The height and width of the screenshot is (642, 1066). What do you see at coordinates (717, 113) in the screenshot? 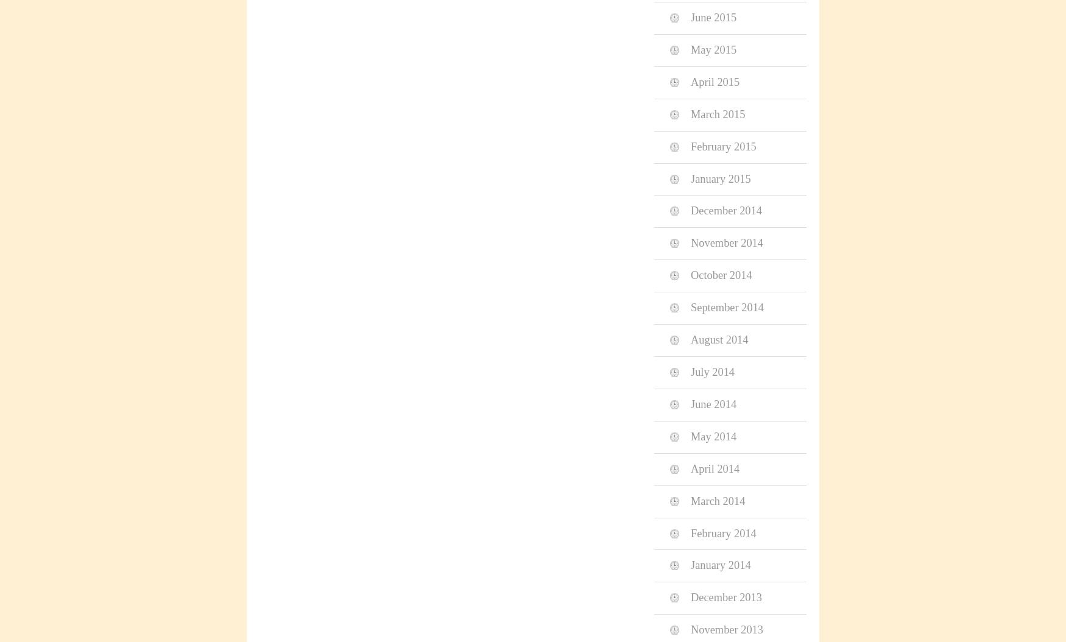
I see `'March 2015'` at bounding box center [717, 113].